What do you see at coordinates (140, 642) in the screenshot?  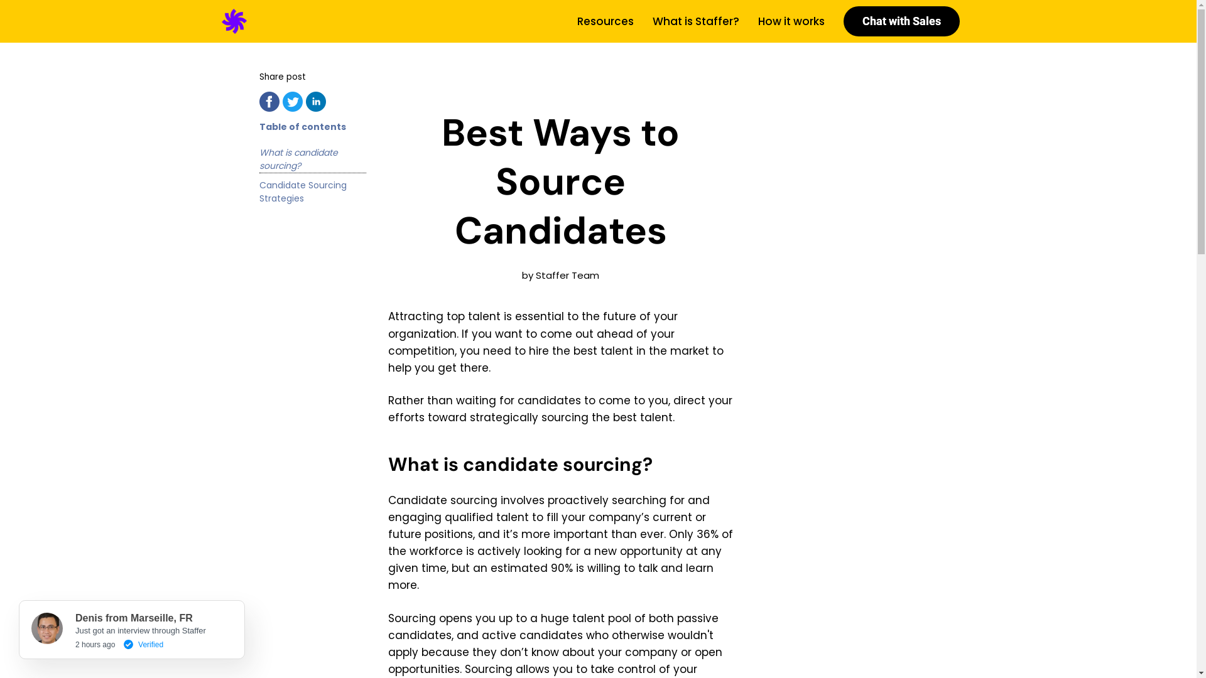 I see `'Verified'` at bounding box center [140, 642].